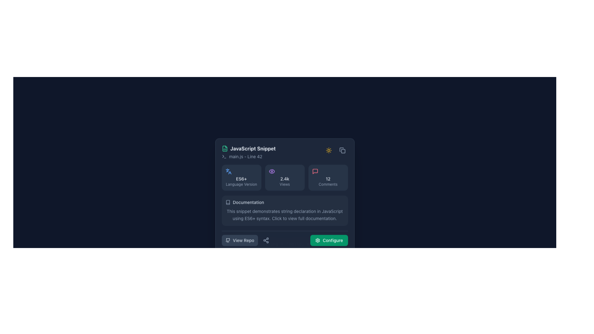  I want to click on the visual cues of the chat bubble SVG icon, which is the first element in a group containing a numeric text '12' and a label 'Comments', located on the right side of the layout, so click(315, 171).